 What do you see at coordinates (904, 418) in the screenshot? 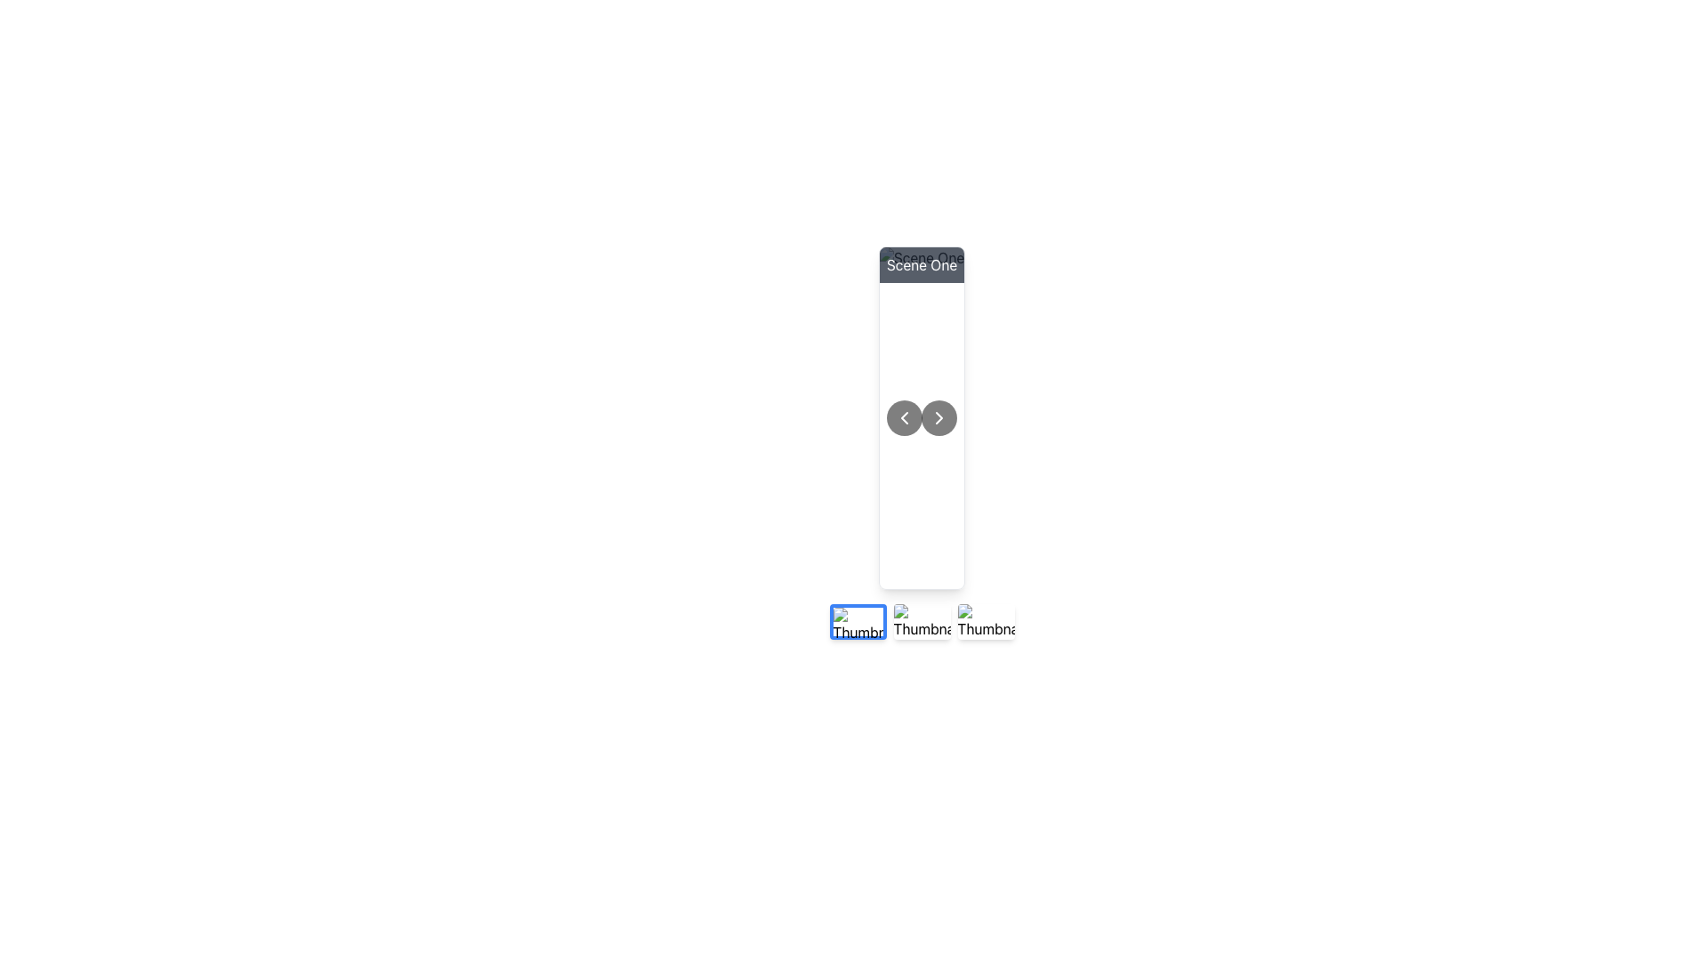
I see `the backward navigation control icon located on the left side of the visible area` at bounding box center [904, 418].